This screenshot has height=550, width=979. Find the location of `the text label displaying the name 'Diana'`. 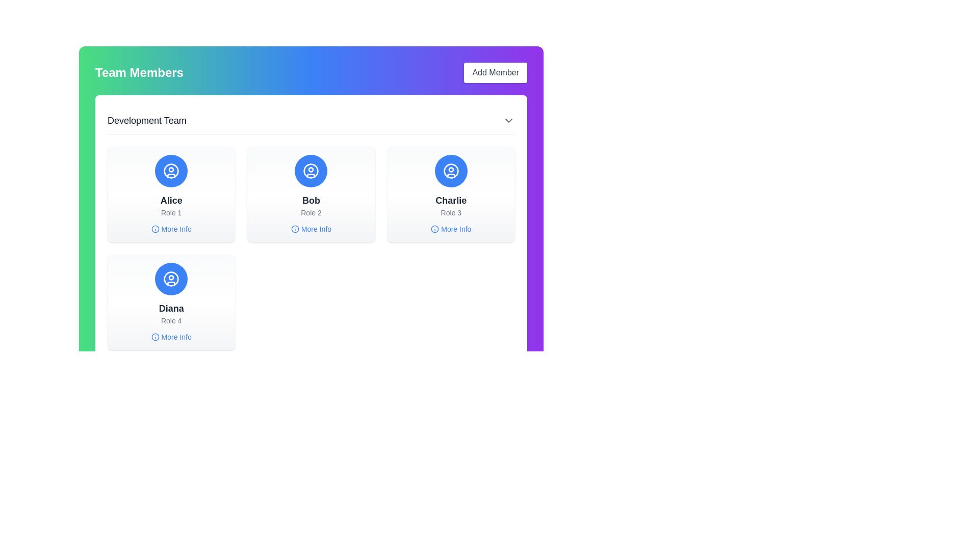

the text label displaying the name 'Diana' is located at coordinates (171, 308).